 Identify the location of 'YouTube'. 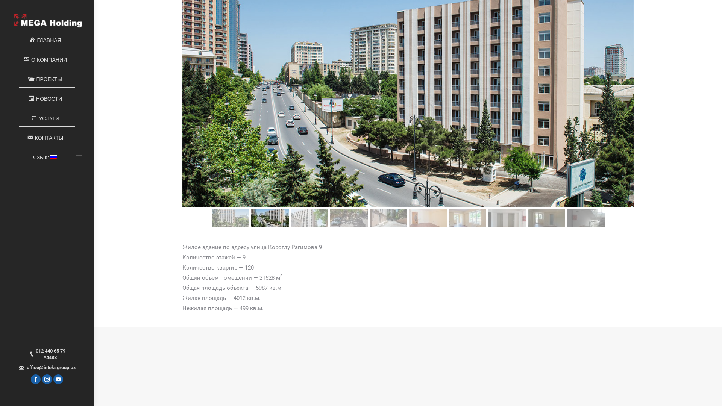
(58, 379).